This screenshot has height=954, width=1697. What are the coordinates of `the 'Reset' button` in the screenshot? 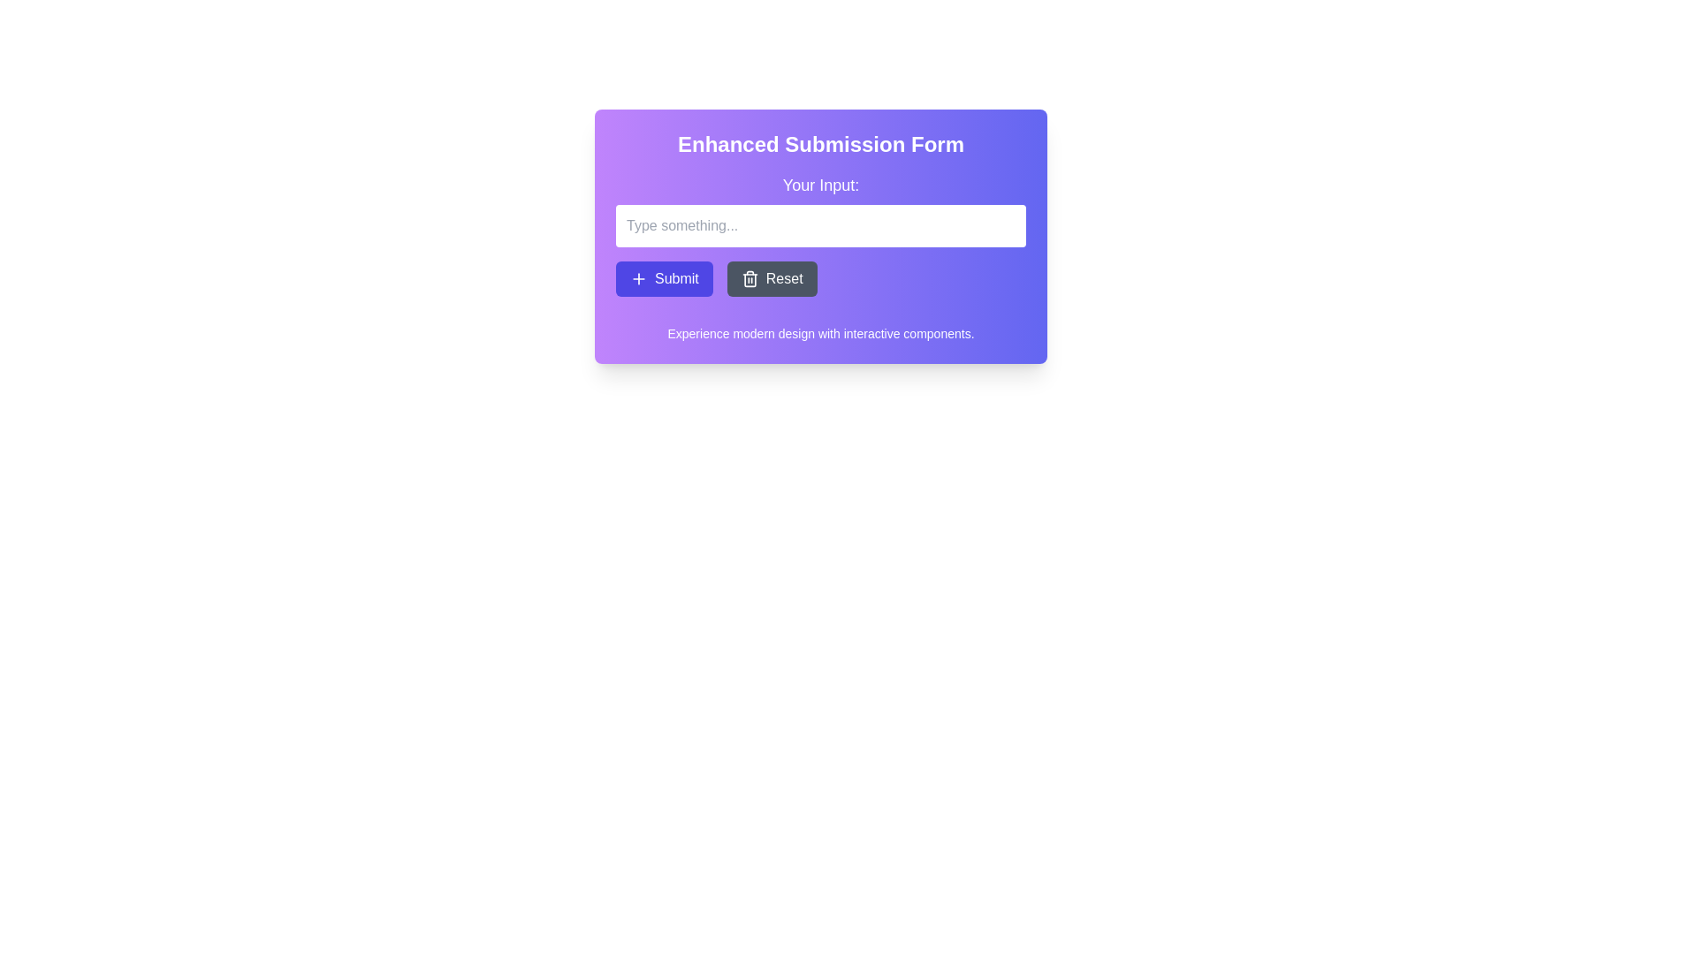 It's located at (772, 278).